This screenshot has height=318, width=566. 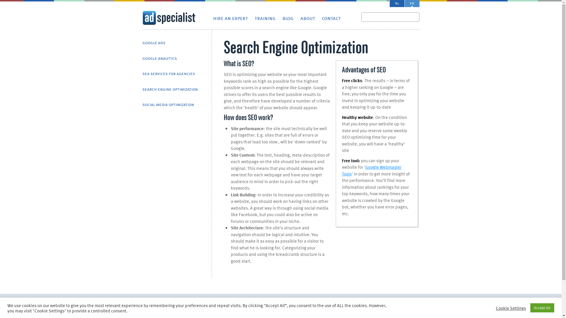 I want to click on 'Google Webmaster Tools', so click(x=371, y=170).